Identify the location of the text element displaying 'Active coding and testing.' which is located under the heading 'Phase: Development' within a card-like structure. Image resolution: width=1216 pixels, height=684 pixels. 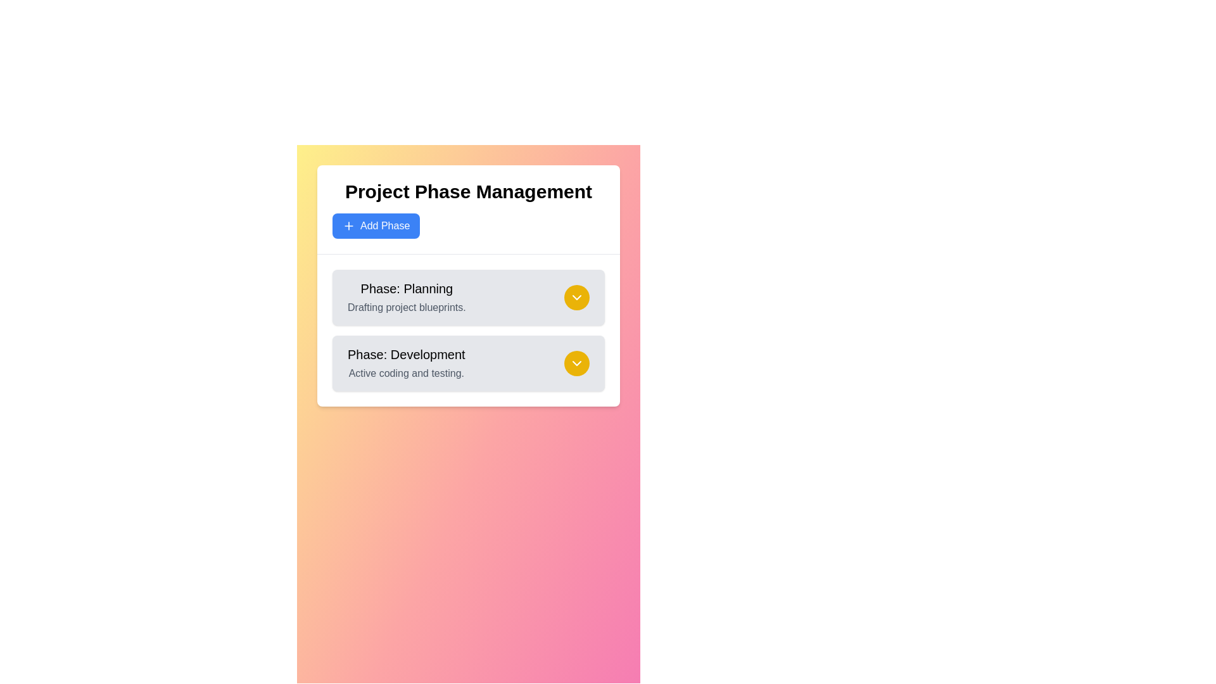
(406, 373).